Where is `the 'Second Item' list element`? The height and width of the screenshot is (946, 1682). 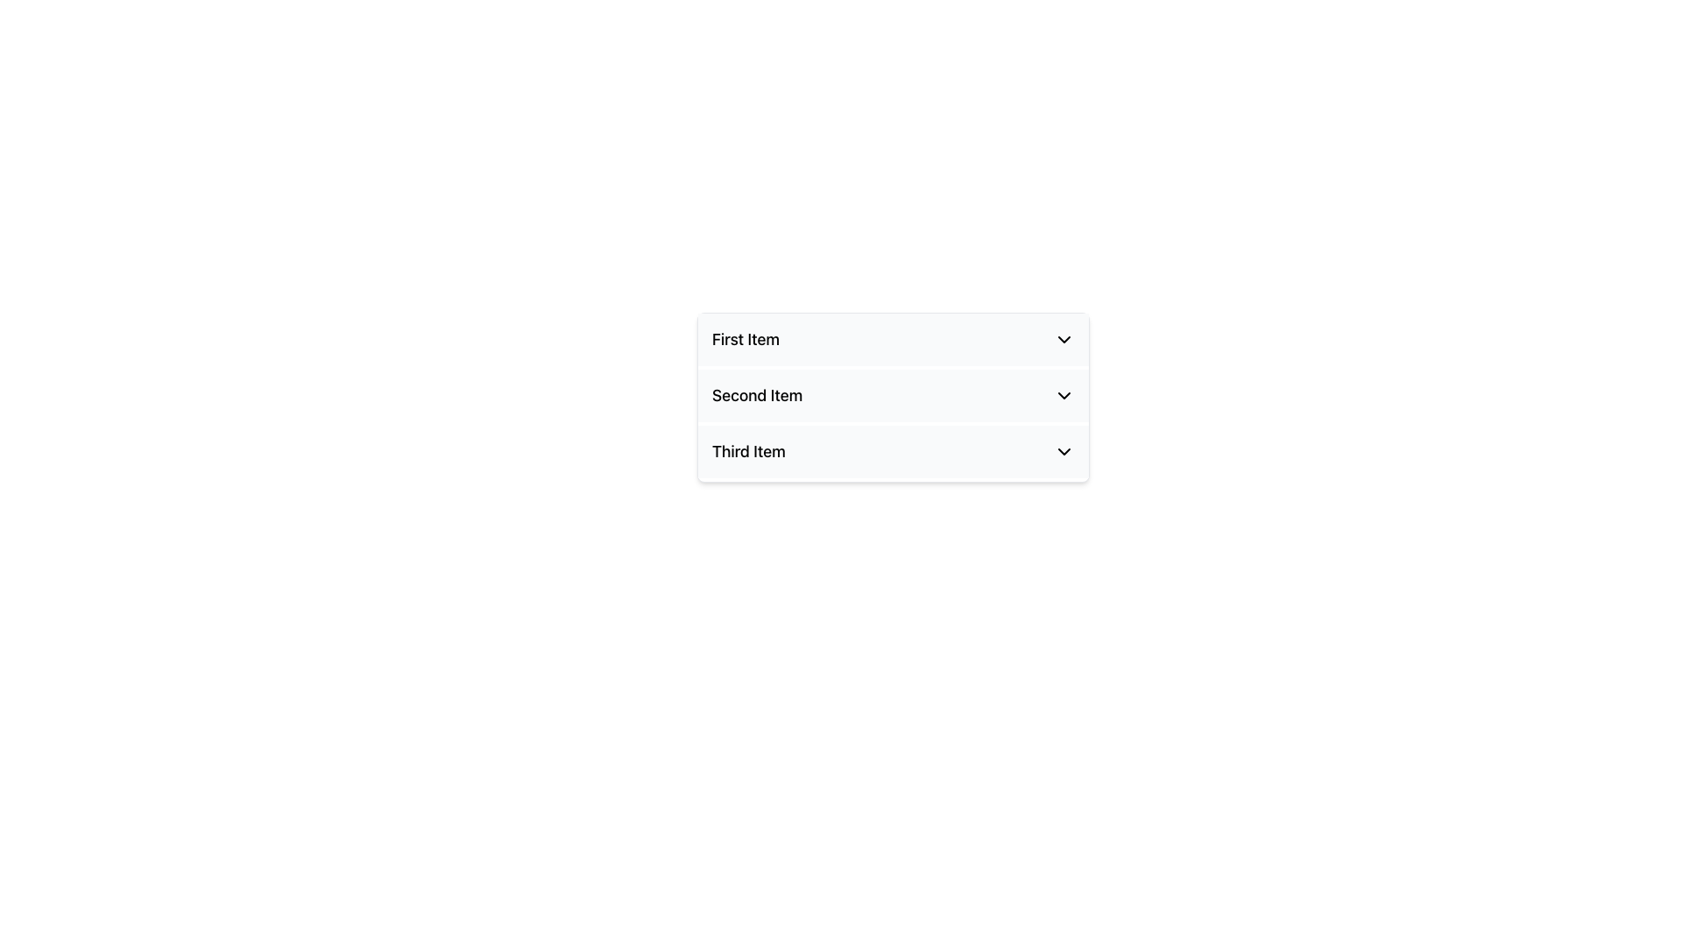 the 'Second Item' list element is located at coordinates (893, 395).